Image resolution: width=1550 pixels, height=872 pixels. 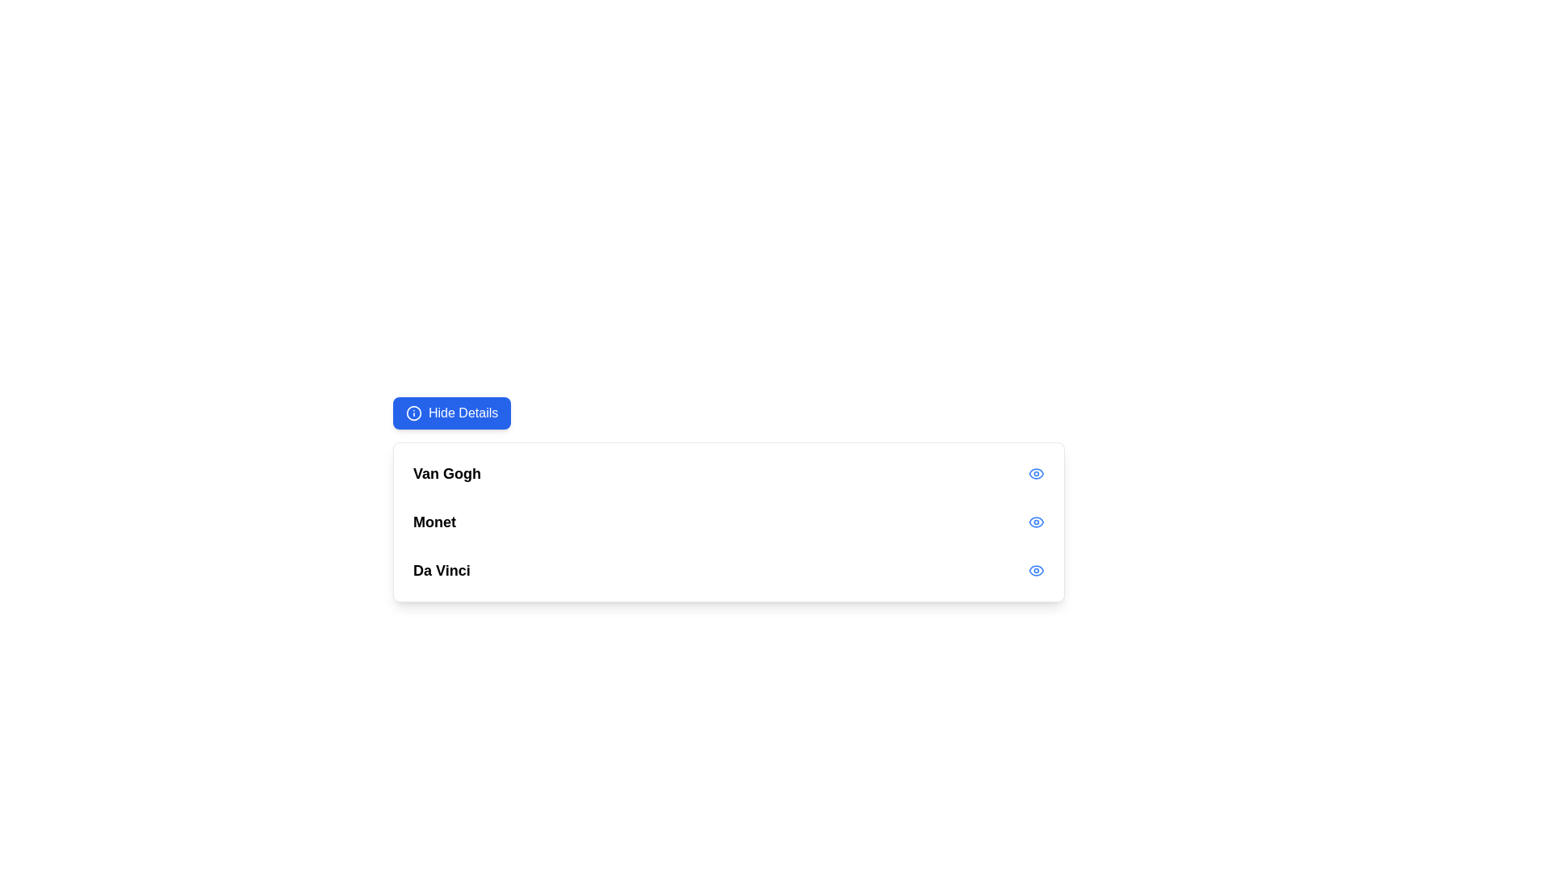 I want to click on the text label displaying 'Da Vinci', which is the last item in a vertically stacked list of text labels, so click(x=442, y=569).